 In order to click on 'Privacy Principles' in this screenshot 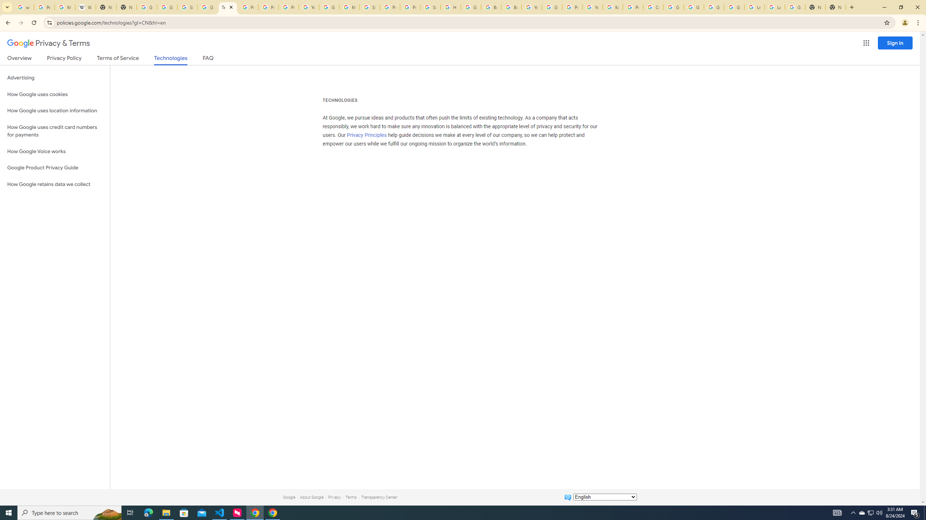, I will do `click(367, 135)`.